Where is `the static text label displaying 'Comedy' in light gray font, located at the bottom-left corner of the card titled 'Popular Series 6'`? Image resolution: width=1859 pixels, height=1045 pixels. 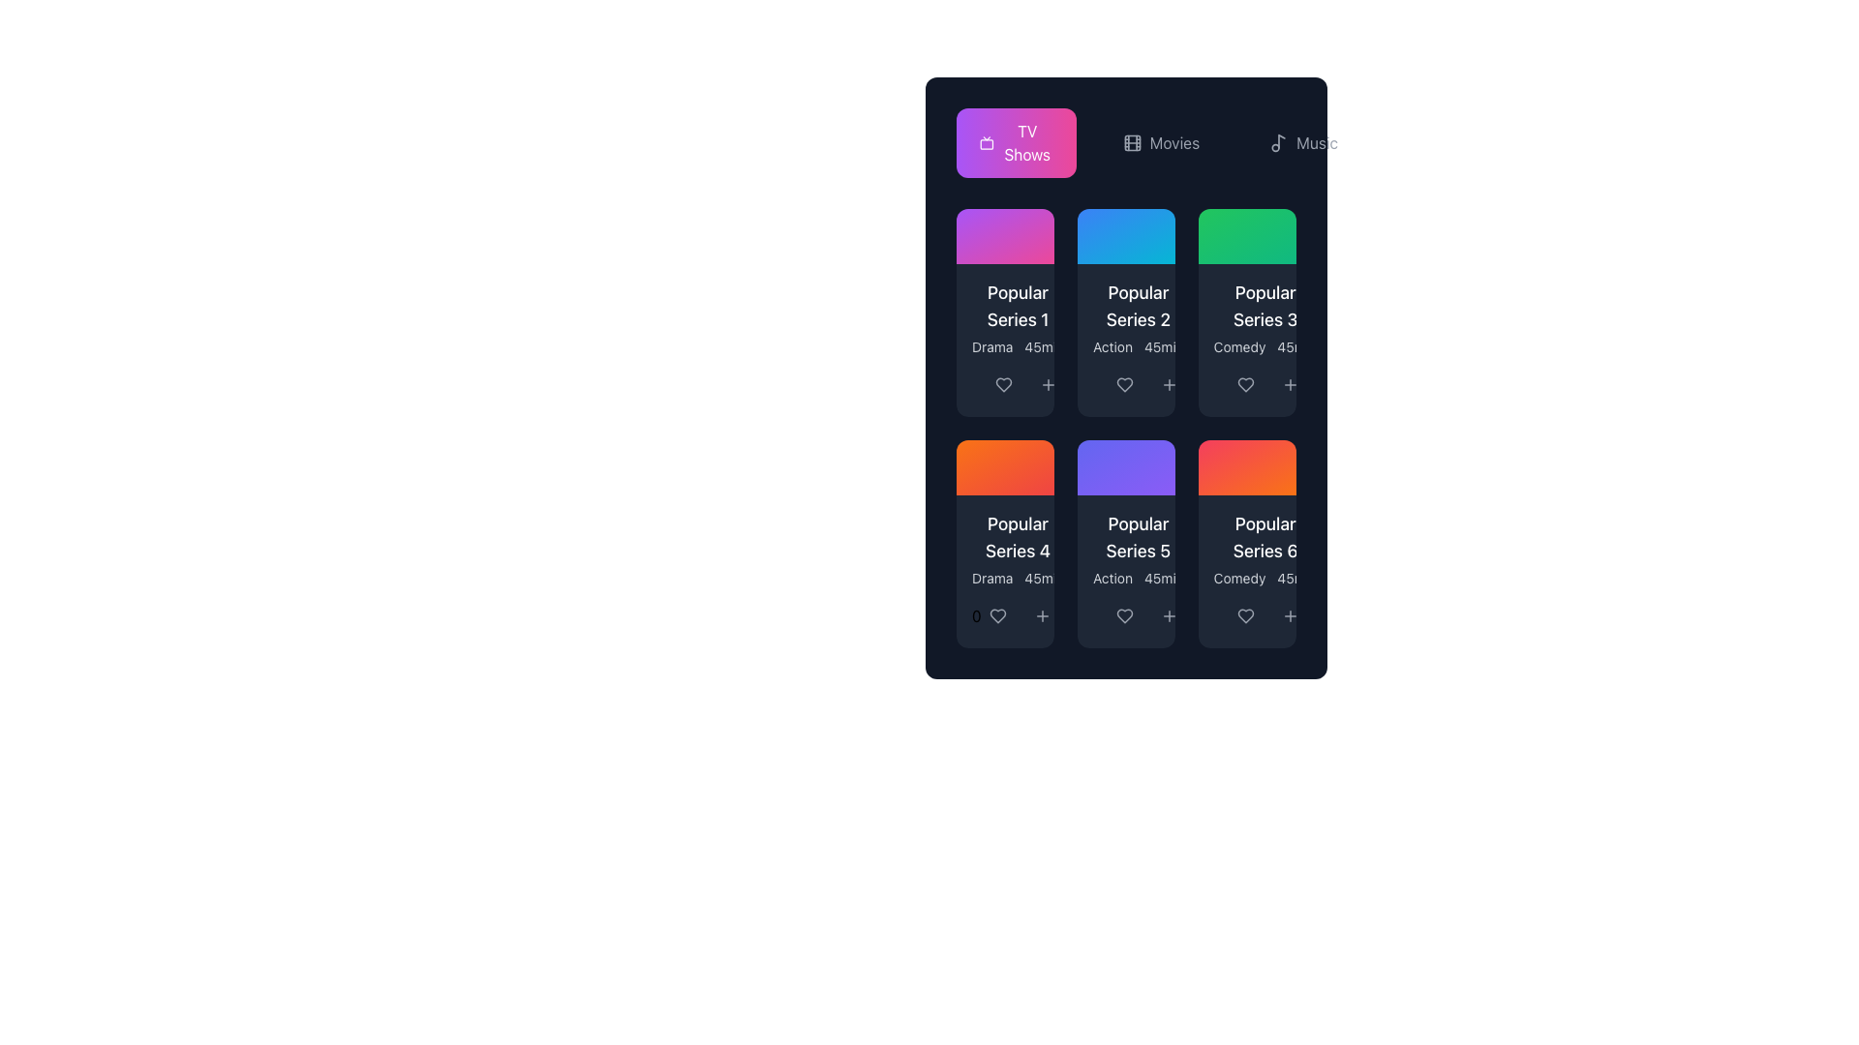
the static text label displaying 'Comedy' in light gray font, located at the bottom-left corner of the card titled 'Popular Series 6' is located at coordinates (1239, 577).